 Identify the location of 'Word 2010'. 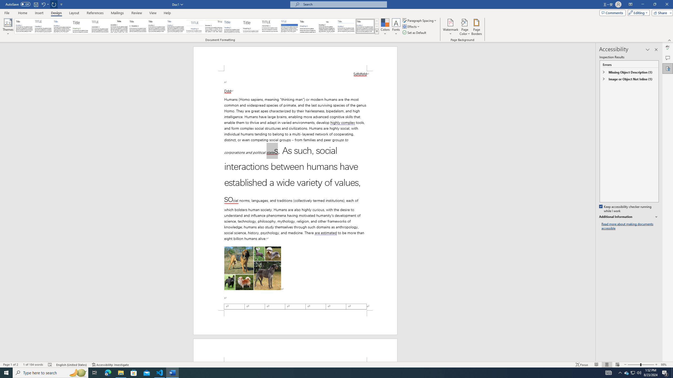
(346, 26).